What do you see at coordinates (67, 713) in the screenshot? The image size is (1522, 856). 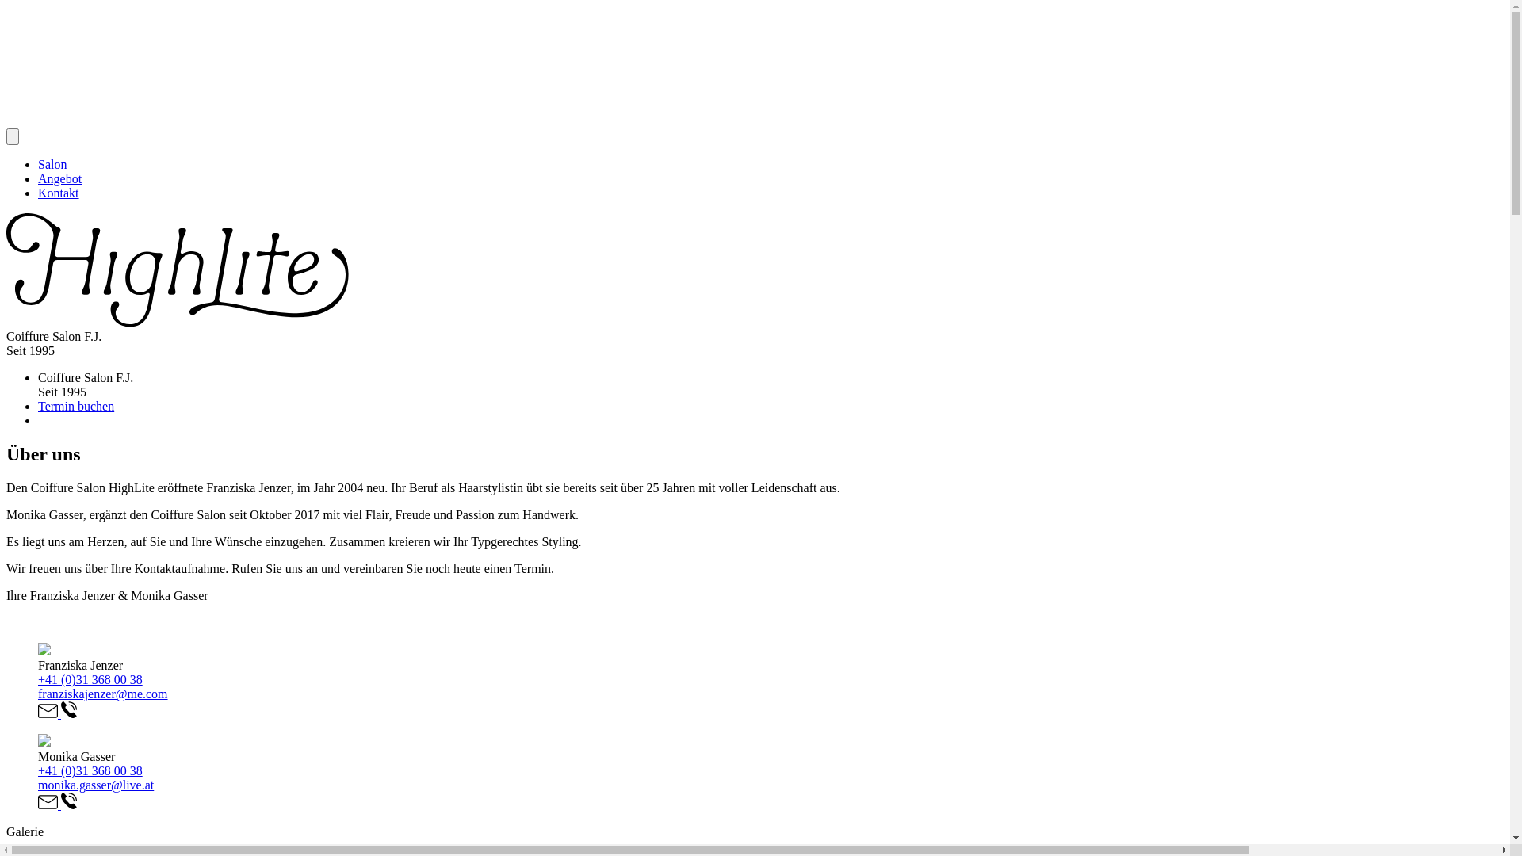 I see `'Telefon Franziska Jenzer'` at bounding box center [67, 713].